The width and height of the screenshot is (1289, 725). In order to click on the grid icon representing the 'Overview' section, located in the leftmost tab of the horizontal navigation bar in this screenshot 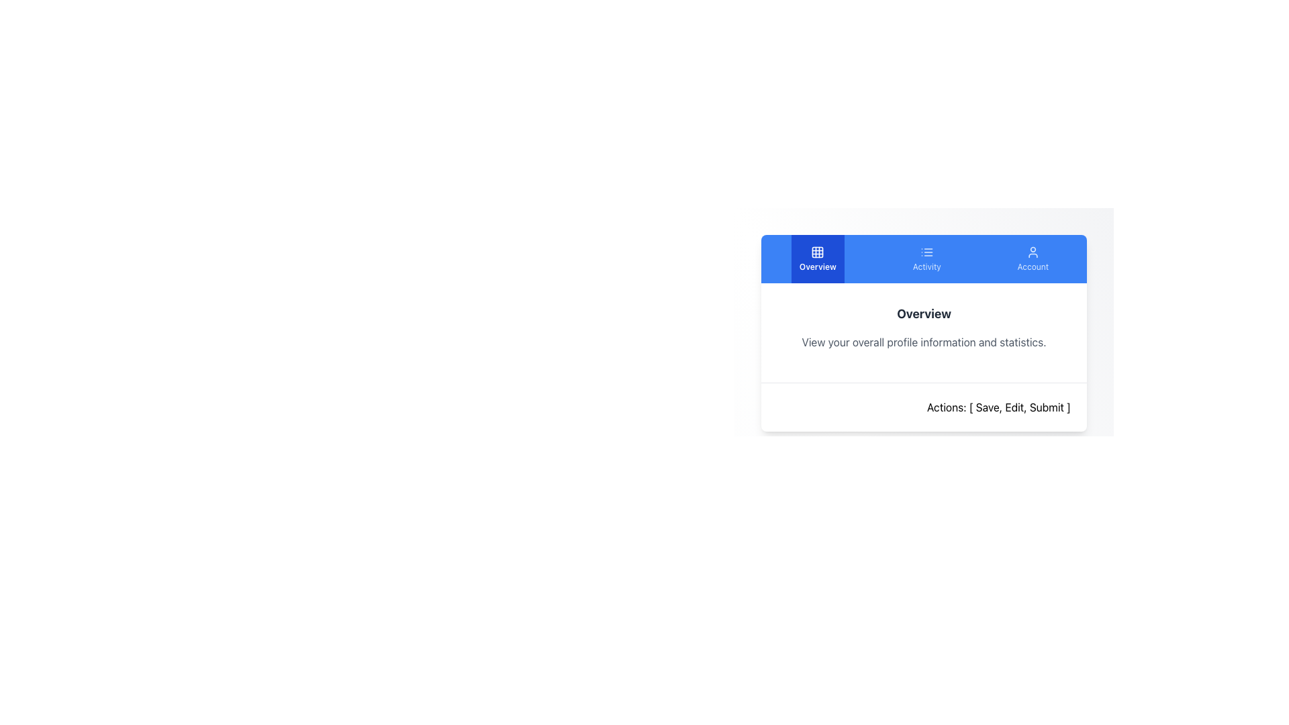, I will do `click(817, 252)`.